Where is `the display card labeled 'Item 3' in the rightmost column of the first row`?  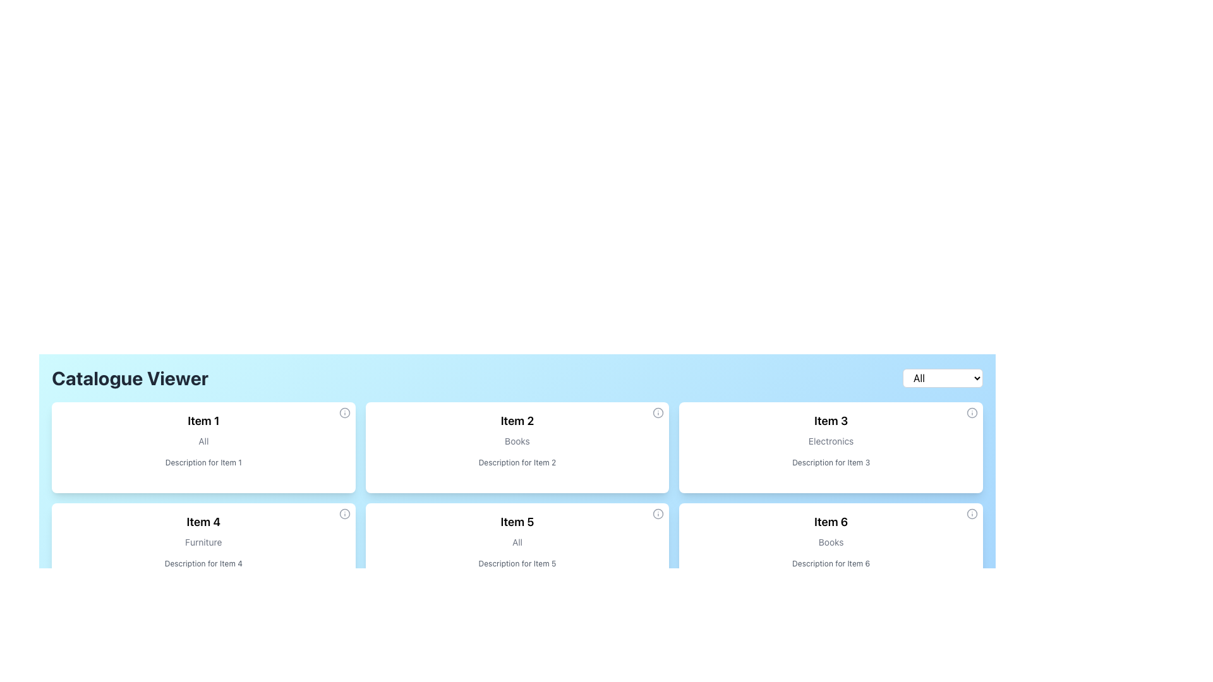
the display card labeled 'Item 3' in the rightmost column of the first row is located at coordinates (831, 447).